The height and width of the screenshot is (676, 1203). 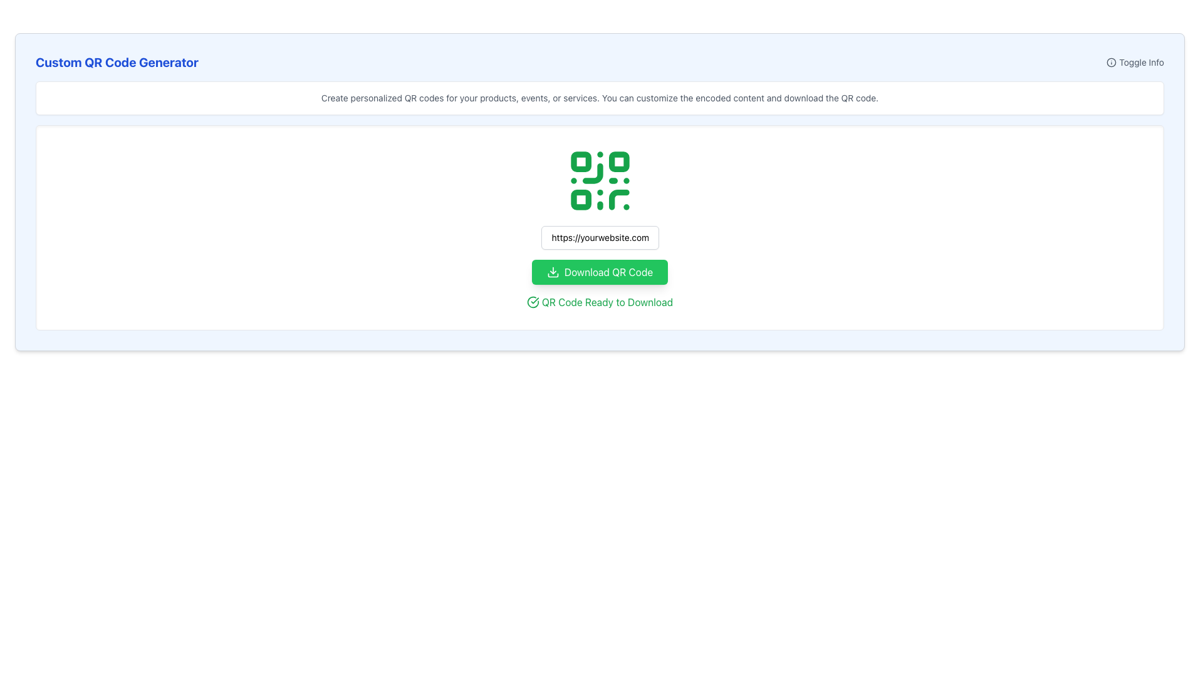 What do you see at coordinates (580, 199) in the screenshot?
I see `the third square component in the QR code structure located at the bottom-left corner of the QR code diagram` at bounding box center [580, 199].